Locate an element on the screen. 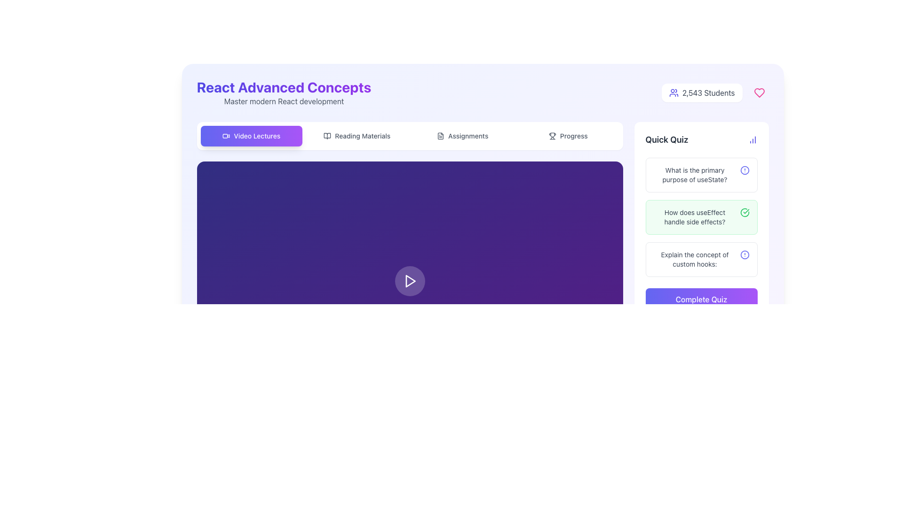 The height and width of the screenshot is (507, 903). the heart-shaped icon with a pink stroke to interact, located near the user count label indicating '2,543 Students' is located at coordinates (759, 92).